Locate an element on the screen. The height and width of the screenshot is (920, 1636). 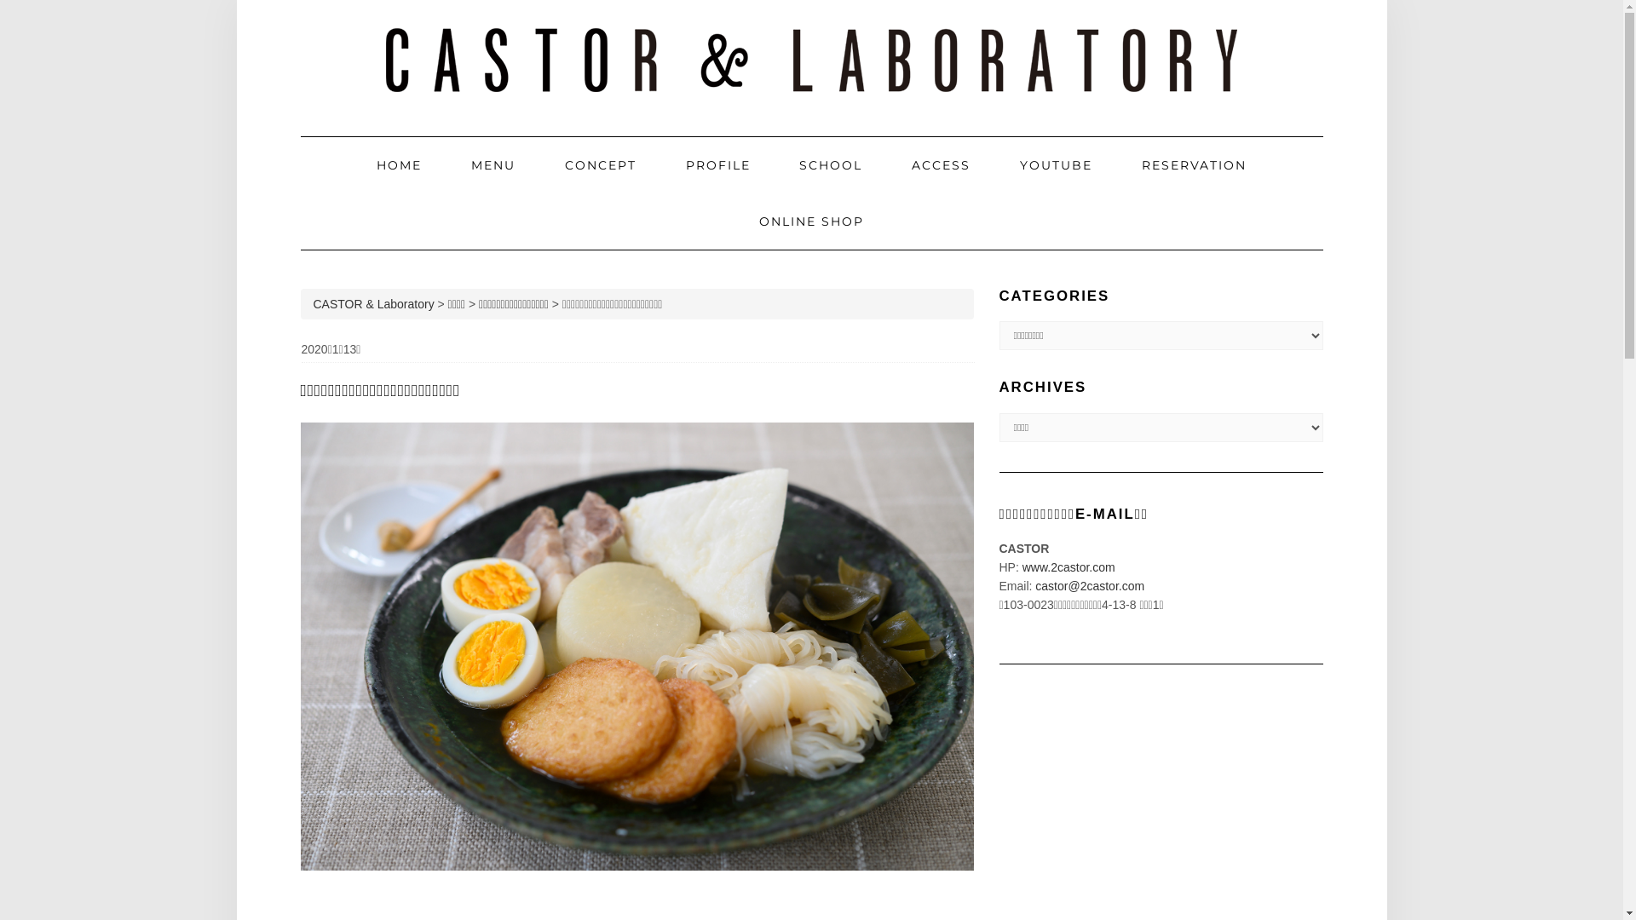
'CASTOR & Laboratory' is located at coordinates (372, 304).